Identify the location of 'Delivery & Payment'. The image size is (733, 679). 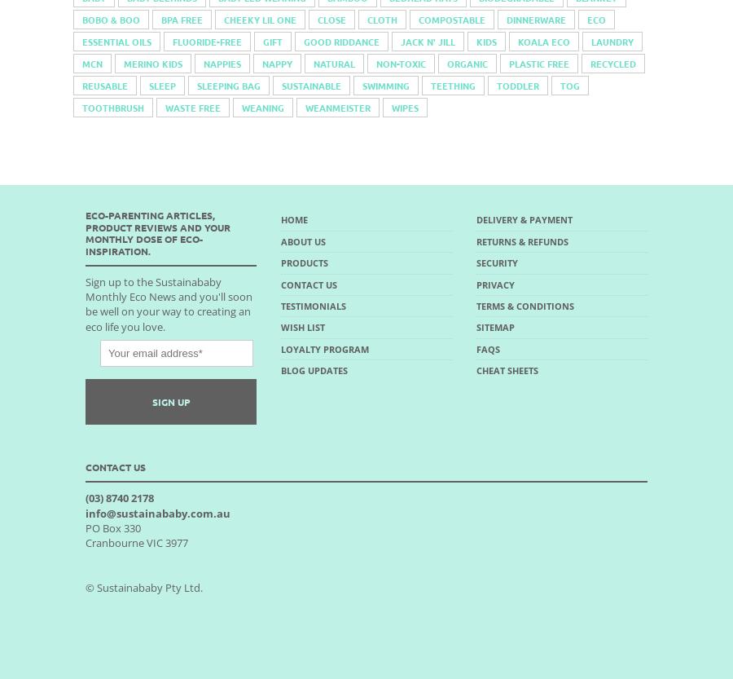
(525, 219).